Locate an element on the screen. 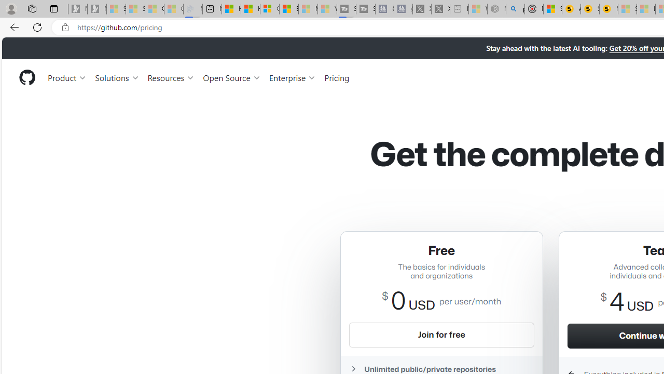 The image size is (664, 374). 'Open Source' is located at coordinates (231, 77).